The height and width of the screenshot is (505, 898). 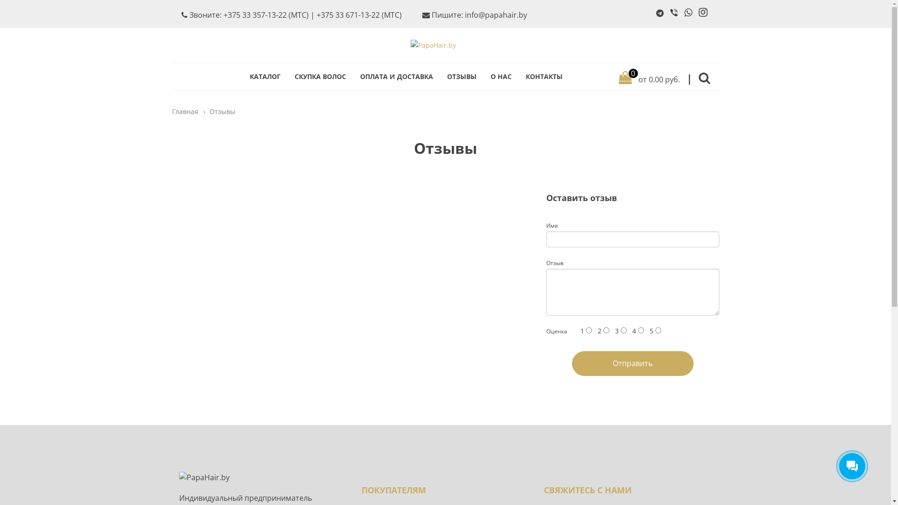 What do you see at coordinates (688, 13) in the screenshot?
I see `'WhatsApp'` at bounding box center [688, 13].